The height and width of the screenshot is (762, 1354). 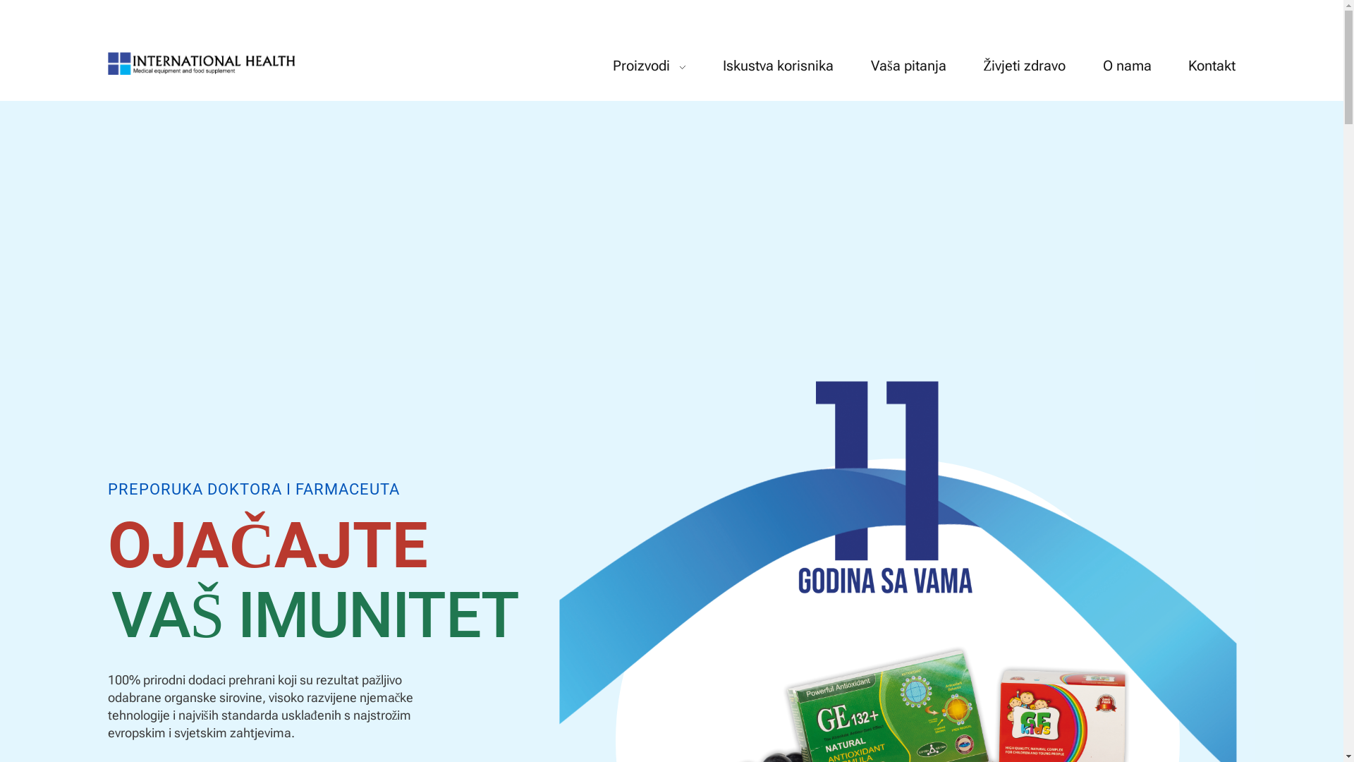 What do you see at coordinates (252, 84) in the screenshot?
I see `'GE132 | International Health BiH'` at bounding box center [252, 84].